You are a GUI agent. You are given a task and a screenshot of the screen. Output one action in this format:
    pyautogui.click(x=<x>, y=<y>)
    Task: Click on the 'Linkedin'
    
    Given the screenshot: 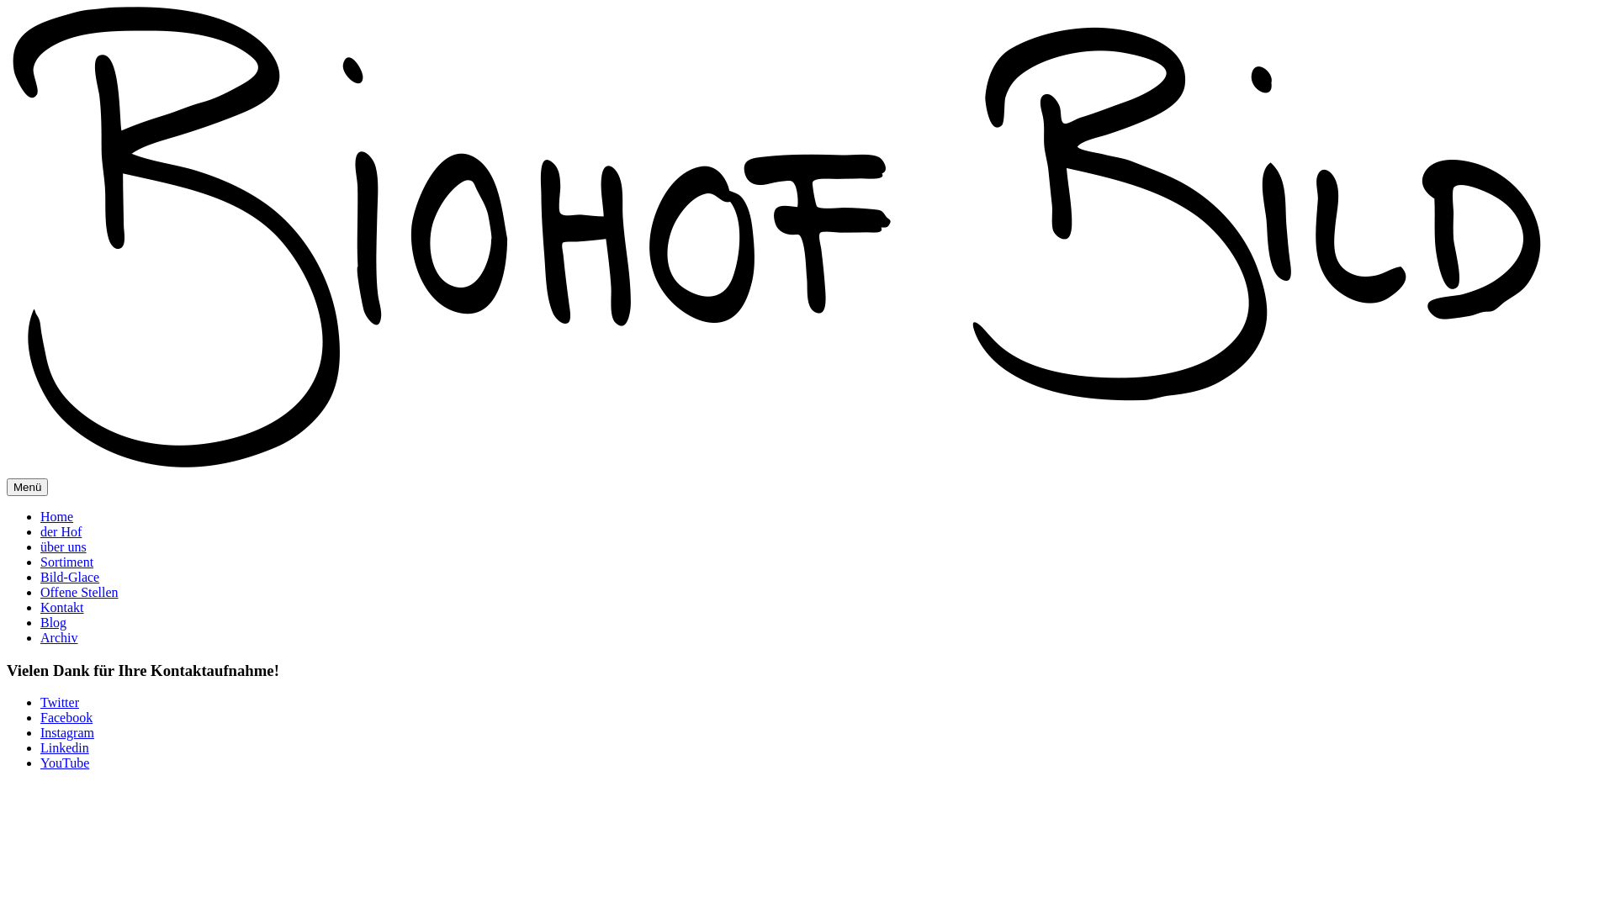 What is the action you would take?
    pyautogui.click(x=64, y=747)
    